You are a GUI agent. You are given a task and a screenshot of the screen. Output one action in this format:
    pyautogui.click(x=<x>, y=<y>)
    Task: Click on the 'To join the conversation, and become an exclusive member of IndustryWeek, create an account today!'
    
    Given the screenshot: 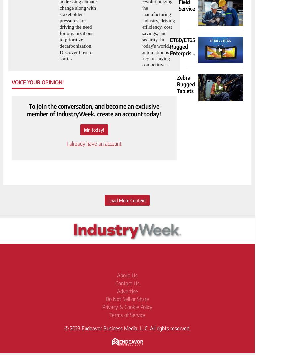 What is the action you would take?
    pyautogui.click(x=93, y=109)
    